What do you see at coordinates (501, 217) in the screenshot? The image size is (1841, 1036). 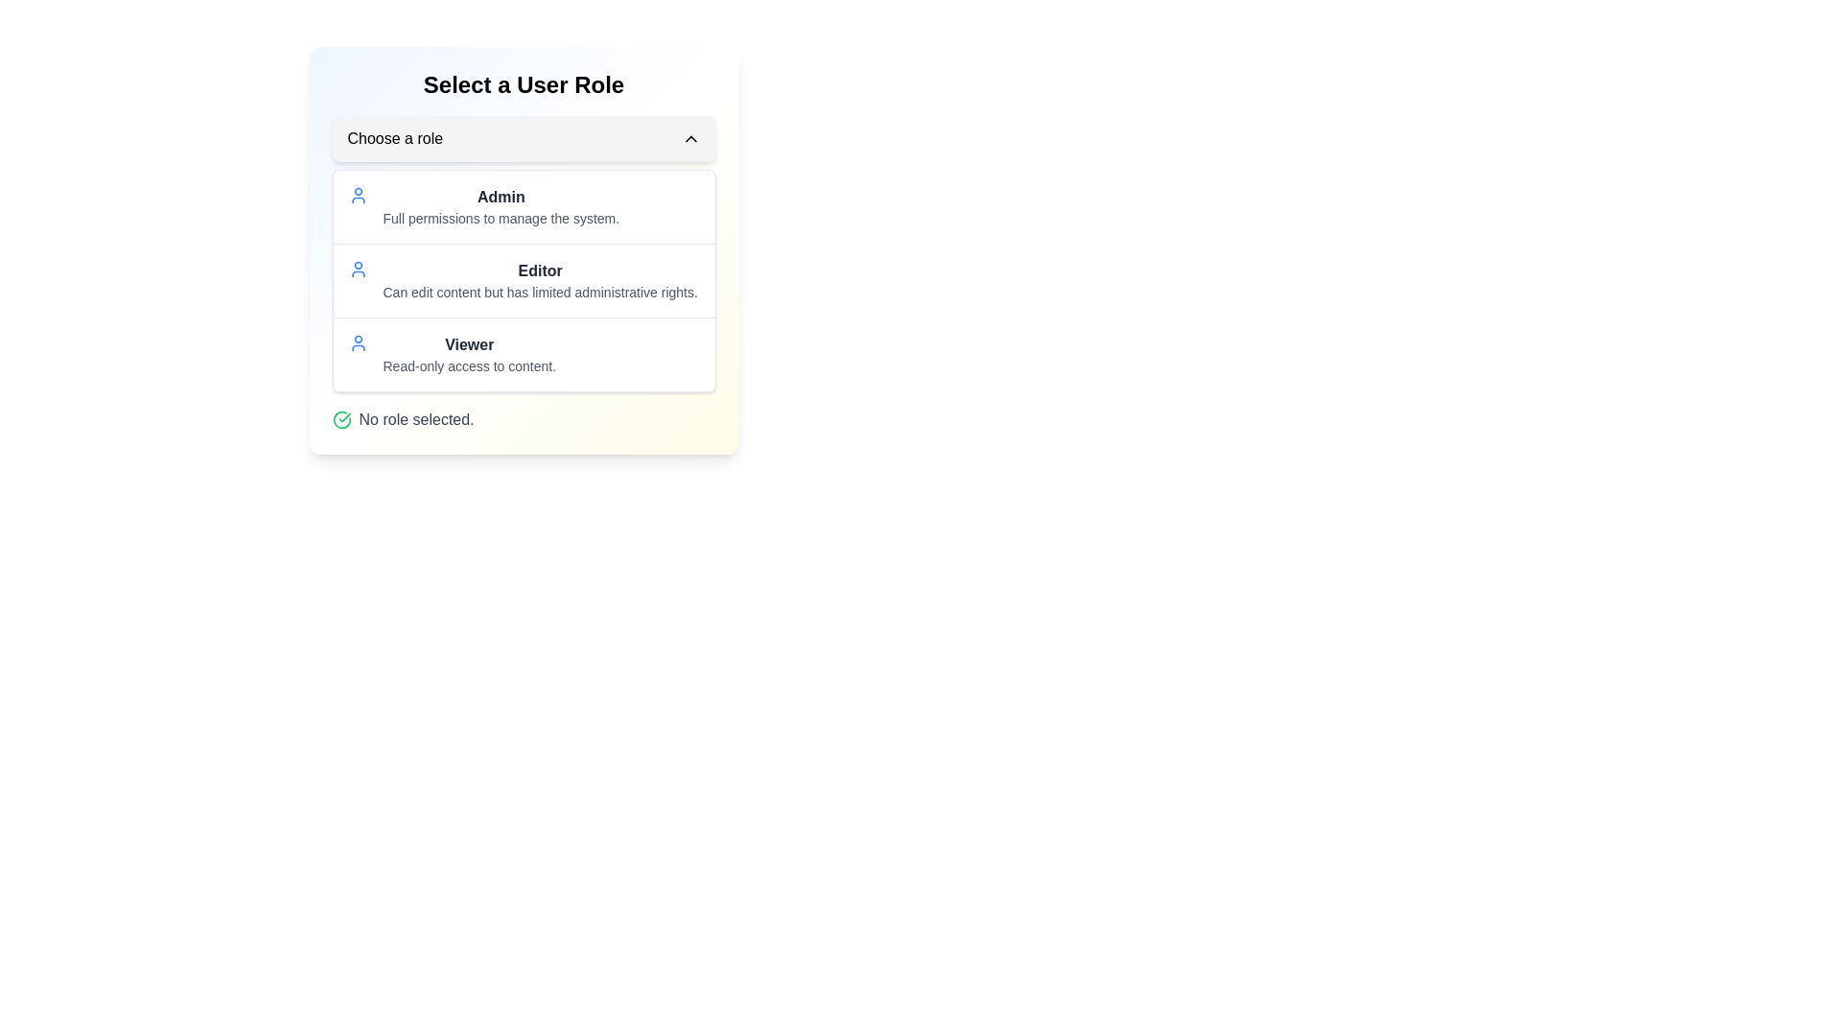 I see `the static text label that states 'Full permissions to manage the system.', which is located below the bold 'Admin' label in the user role selection interface` at bounding box center [501, 217].